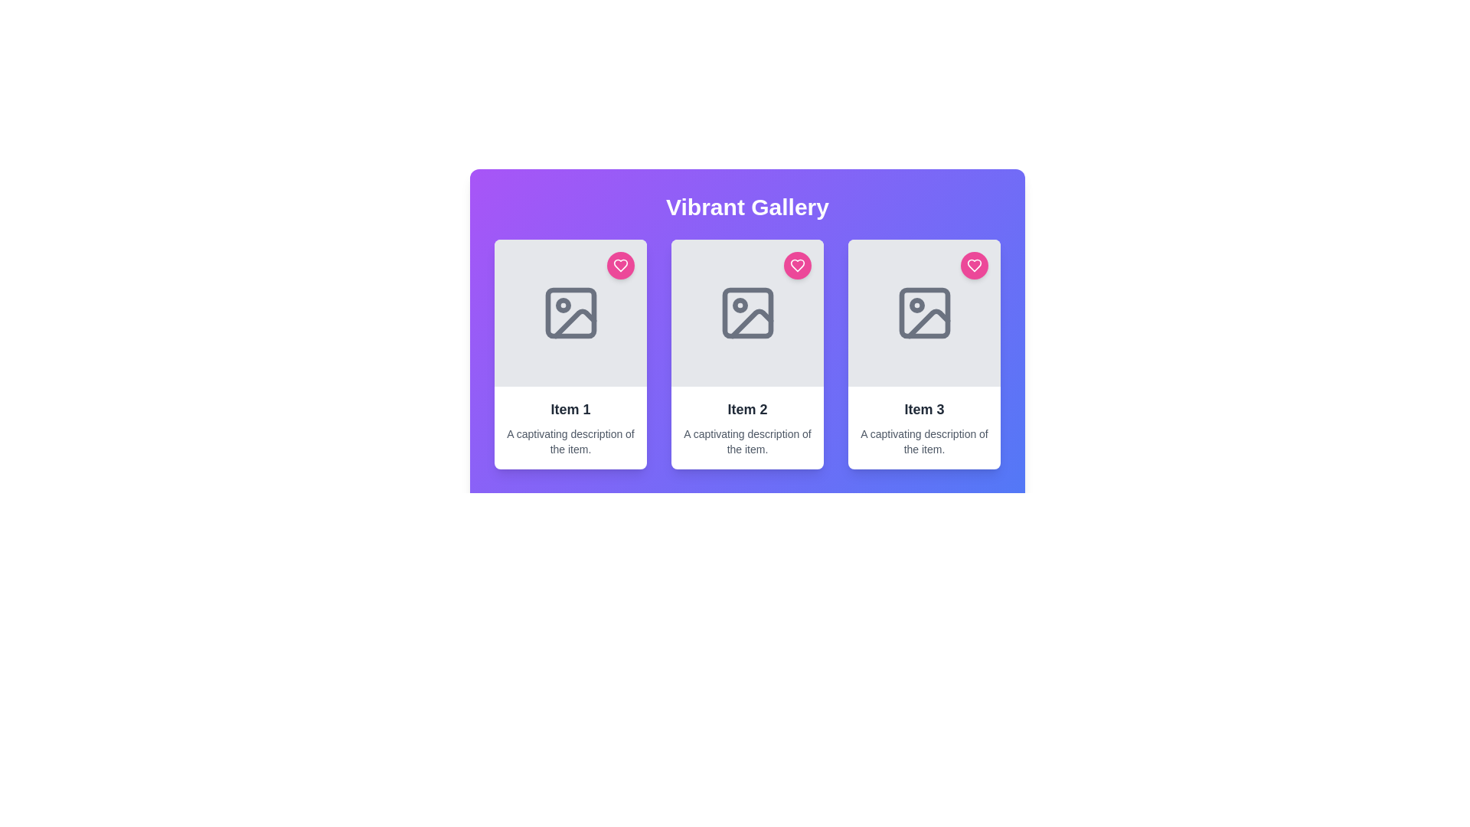 Image resolution: width=1470 pixels, height=827 pixels. What do you see at coordinates (747, 312) in the screenshot?
I see `the rounded rectangle decorative element in the 'Item 2' gallery card, which represents a portion of the photo within the SVG illustration` at bounding box center [747, 312].